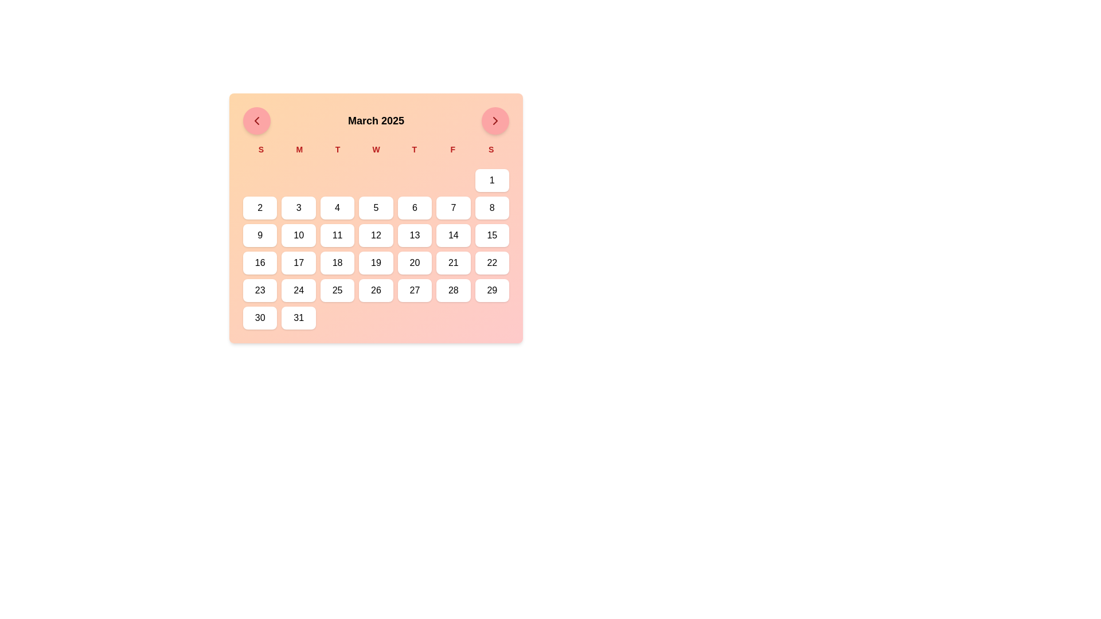  I want to click on the empty grid cell in the top row, fifth column of the calendar layout, so click(414, 181).